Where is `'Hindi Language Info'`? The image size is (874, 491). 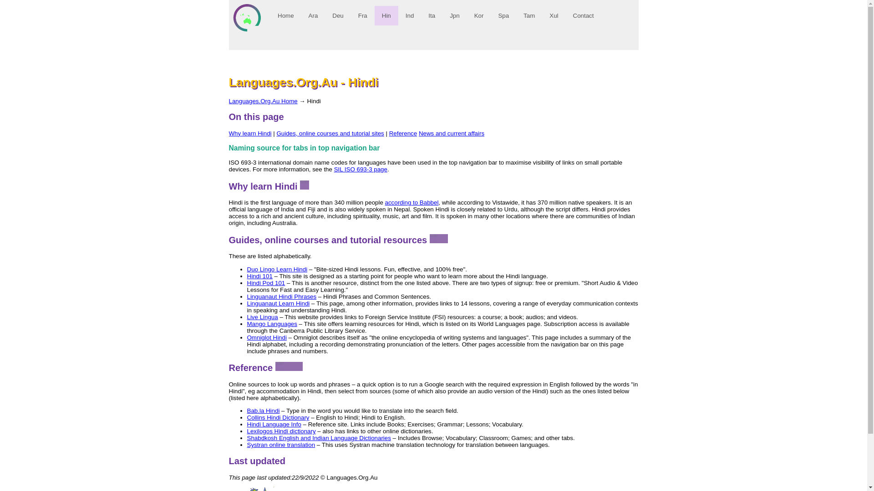
'Hindi Language Info' is located at coordinates (247, 424).